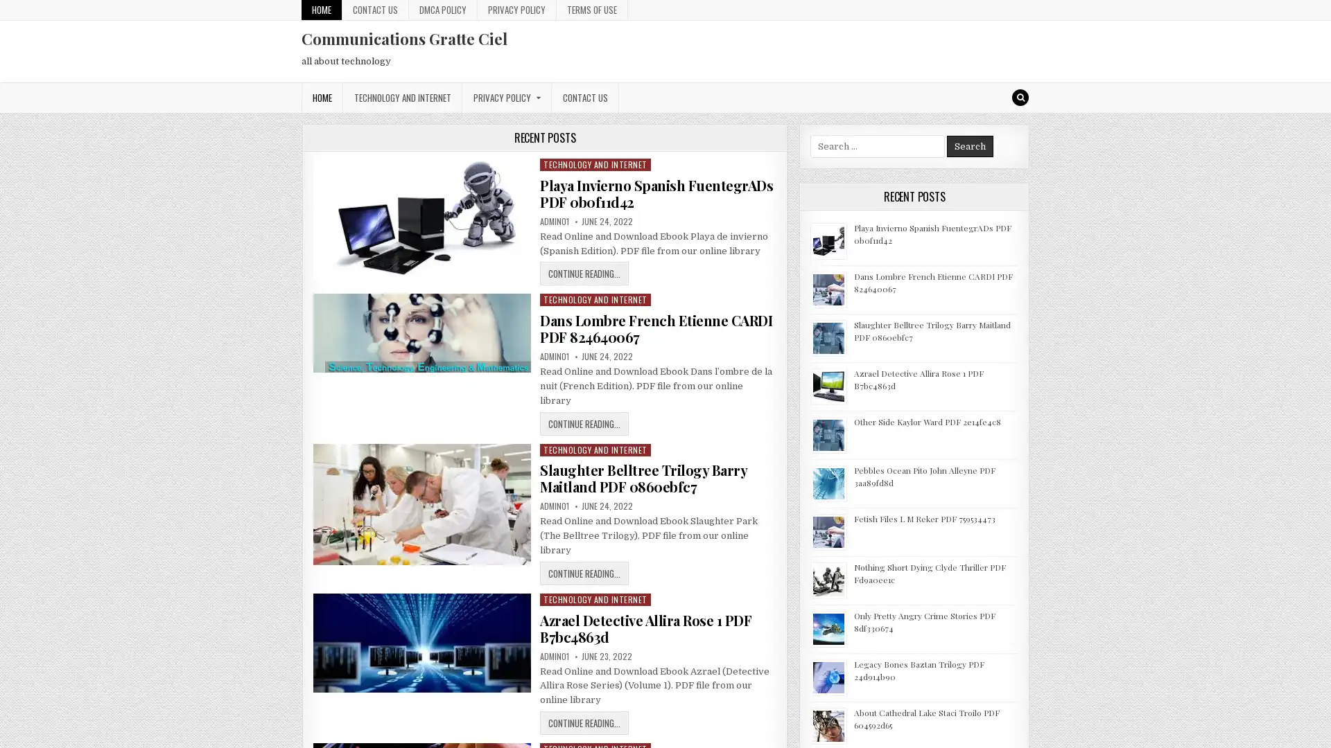 The width and height of the screenshot is (1331, 748). I want to click on Search, so click(969, 146).